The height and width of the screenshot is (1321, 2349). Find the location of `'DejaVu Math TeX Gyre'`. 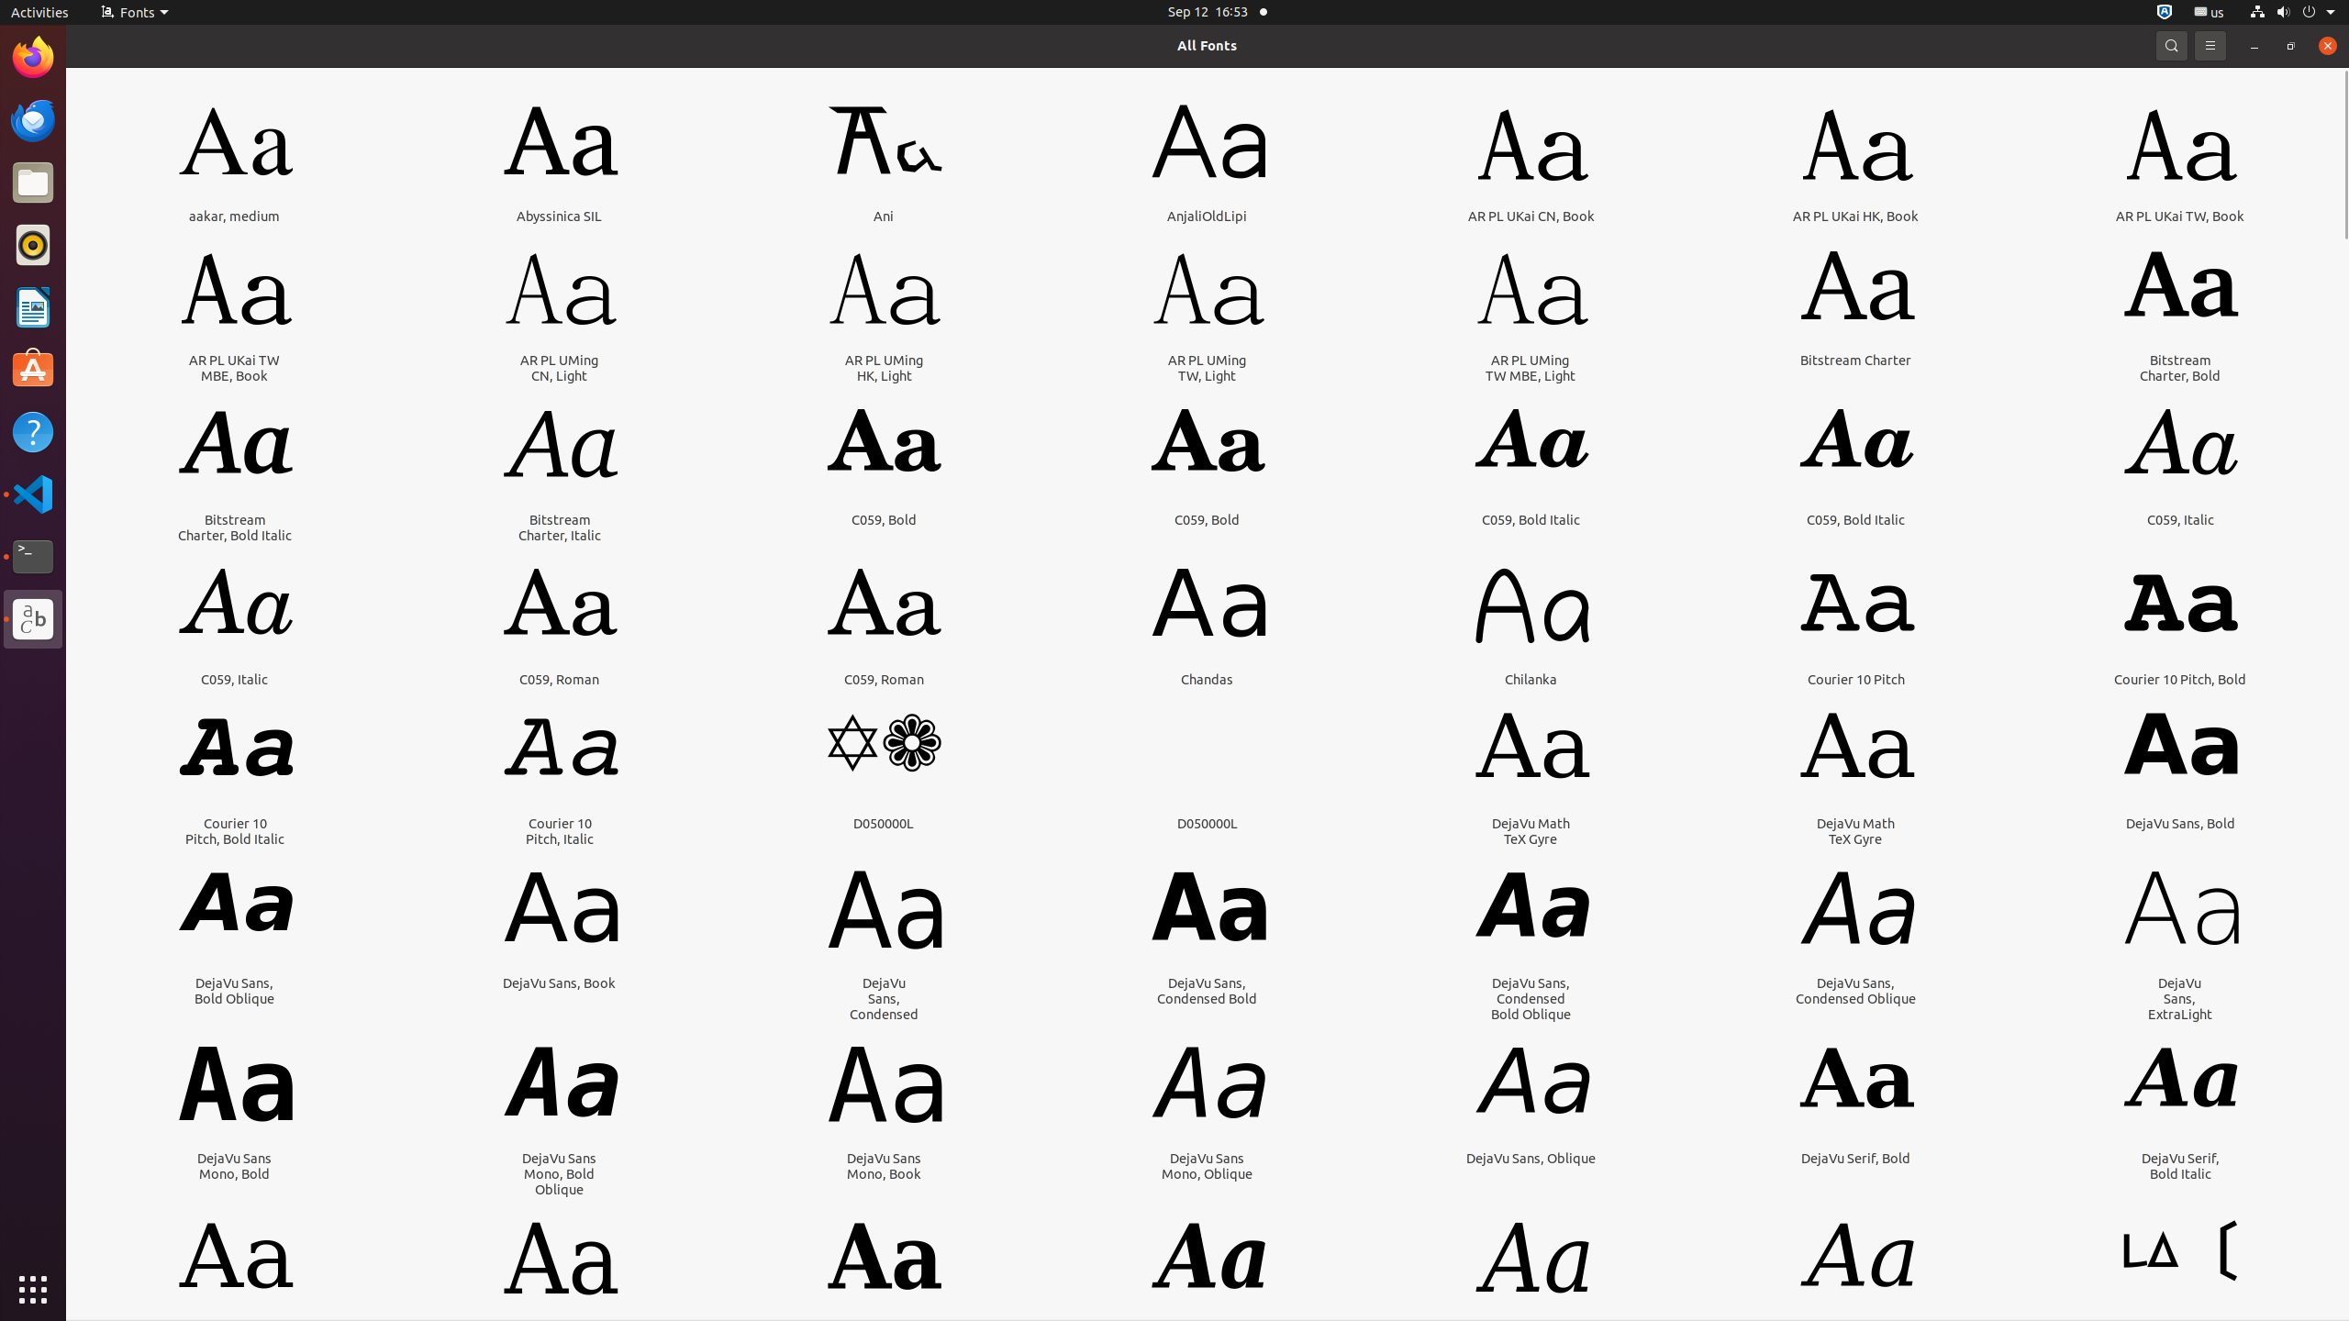

'DejaVu Math TeX Gyre' is located at coordinates (1531, 830).